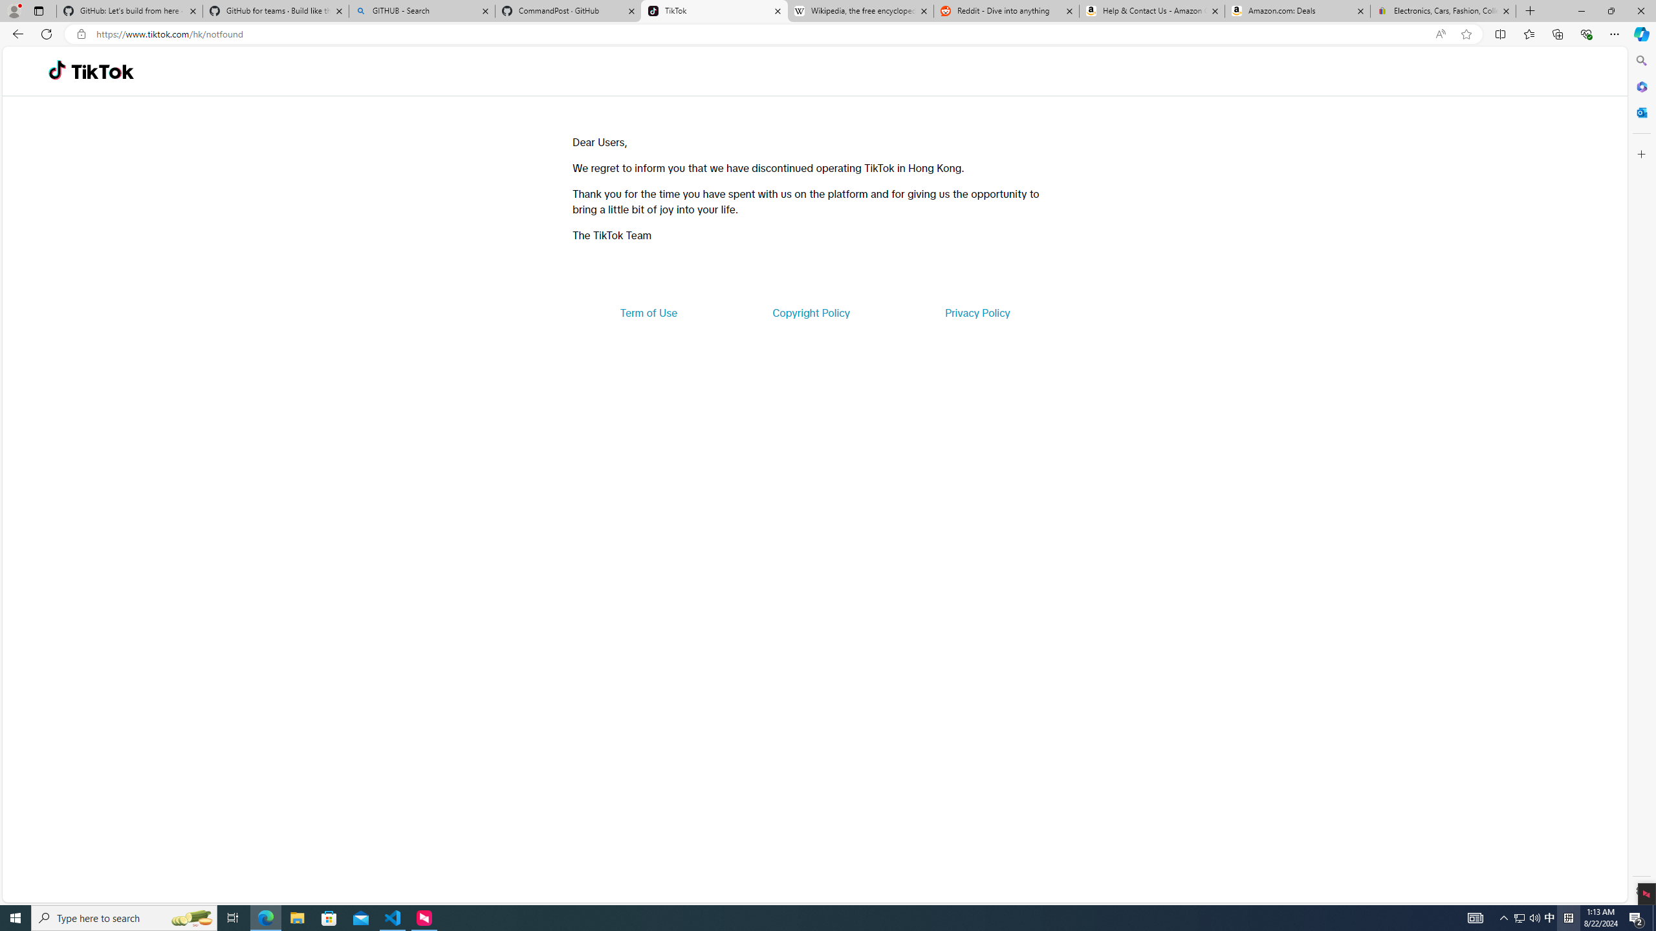  Describe the element at coordinates (976, 312) in the screenshot. I see `'Privacy Policy'` at that location.